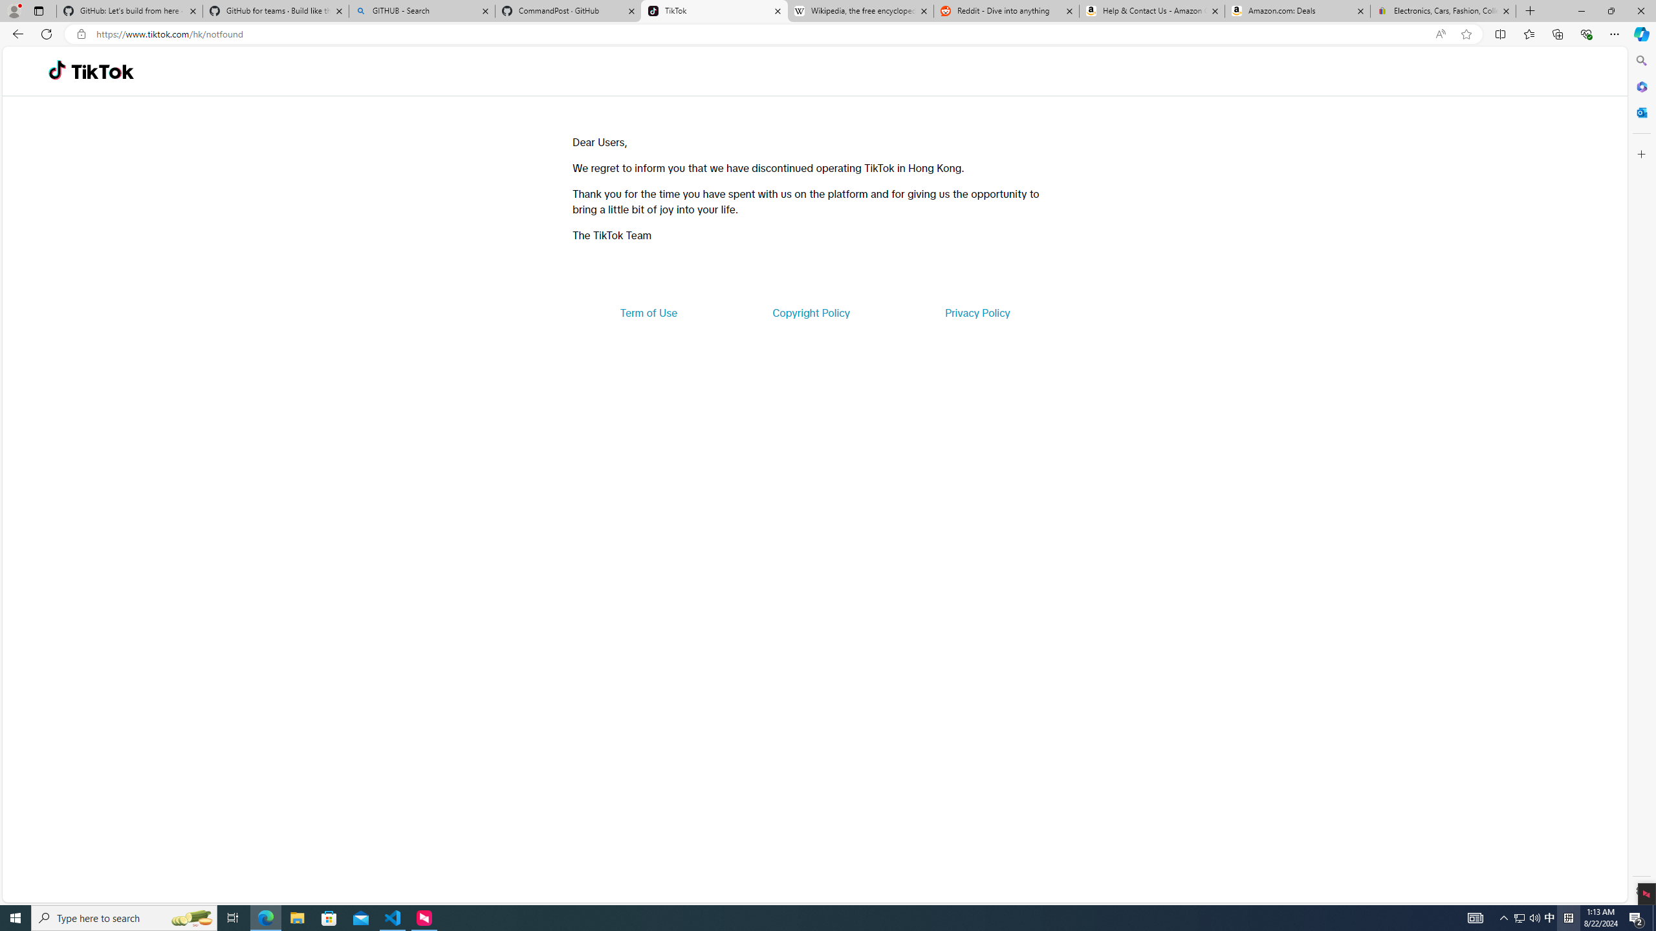  Describe the element at coordinates (976, 312) in the screenshot. I see `'Privacy Policy'` at that location.